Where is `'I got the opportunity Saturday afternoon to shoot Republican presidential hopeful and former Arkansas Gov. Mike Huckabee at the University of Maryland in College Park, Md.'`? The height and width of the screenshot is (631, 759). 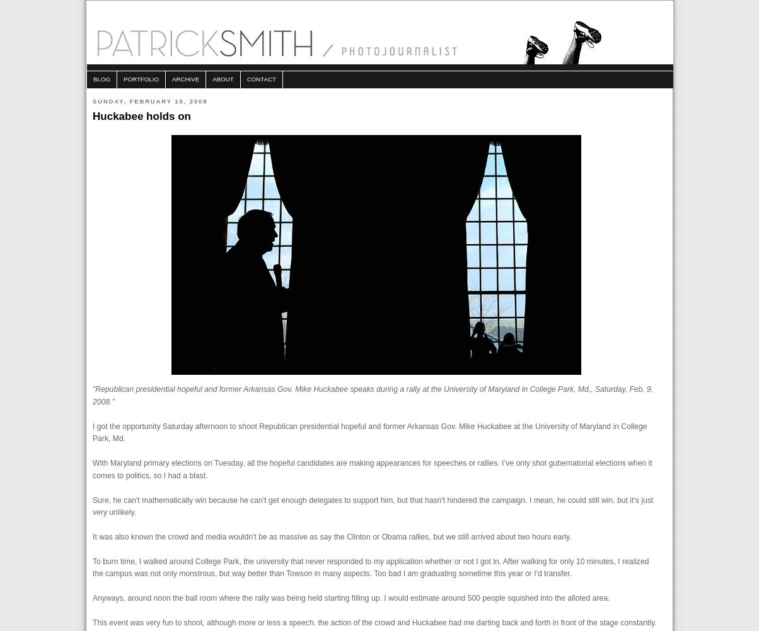 'I got the opportunity Saturday afternoon to shoot Republican presidential hopeful and former Arkansas Gov. Mike Huckabee at the University of Maryland in College Park, Md.' is located at coordinates (369, 432).